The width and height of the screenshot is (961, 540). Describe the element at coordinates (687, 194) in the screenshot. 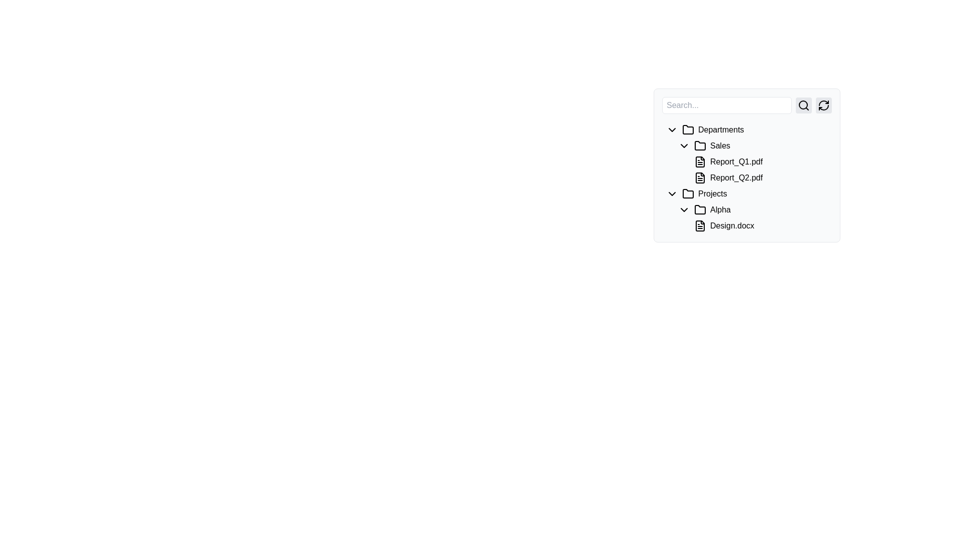

I see `the minimalist folder icon located to the left of the 'Projects' label` at that location.